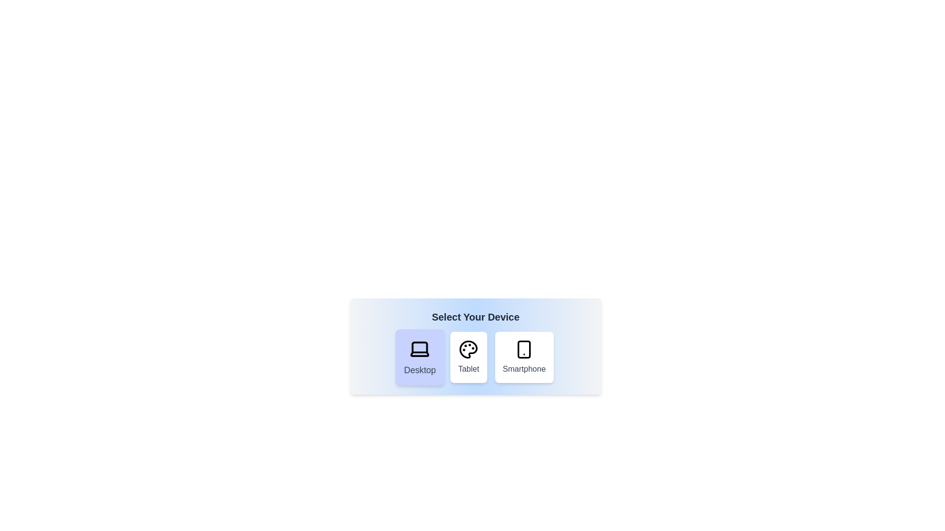 The width and height of the screenshot is (945, 531). I want to click on the main body rectangular component of the smartphone icon, which is centrally positioned and has rounded corners, so click(524, 349).